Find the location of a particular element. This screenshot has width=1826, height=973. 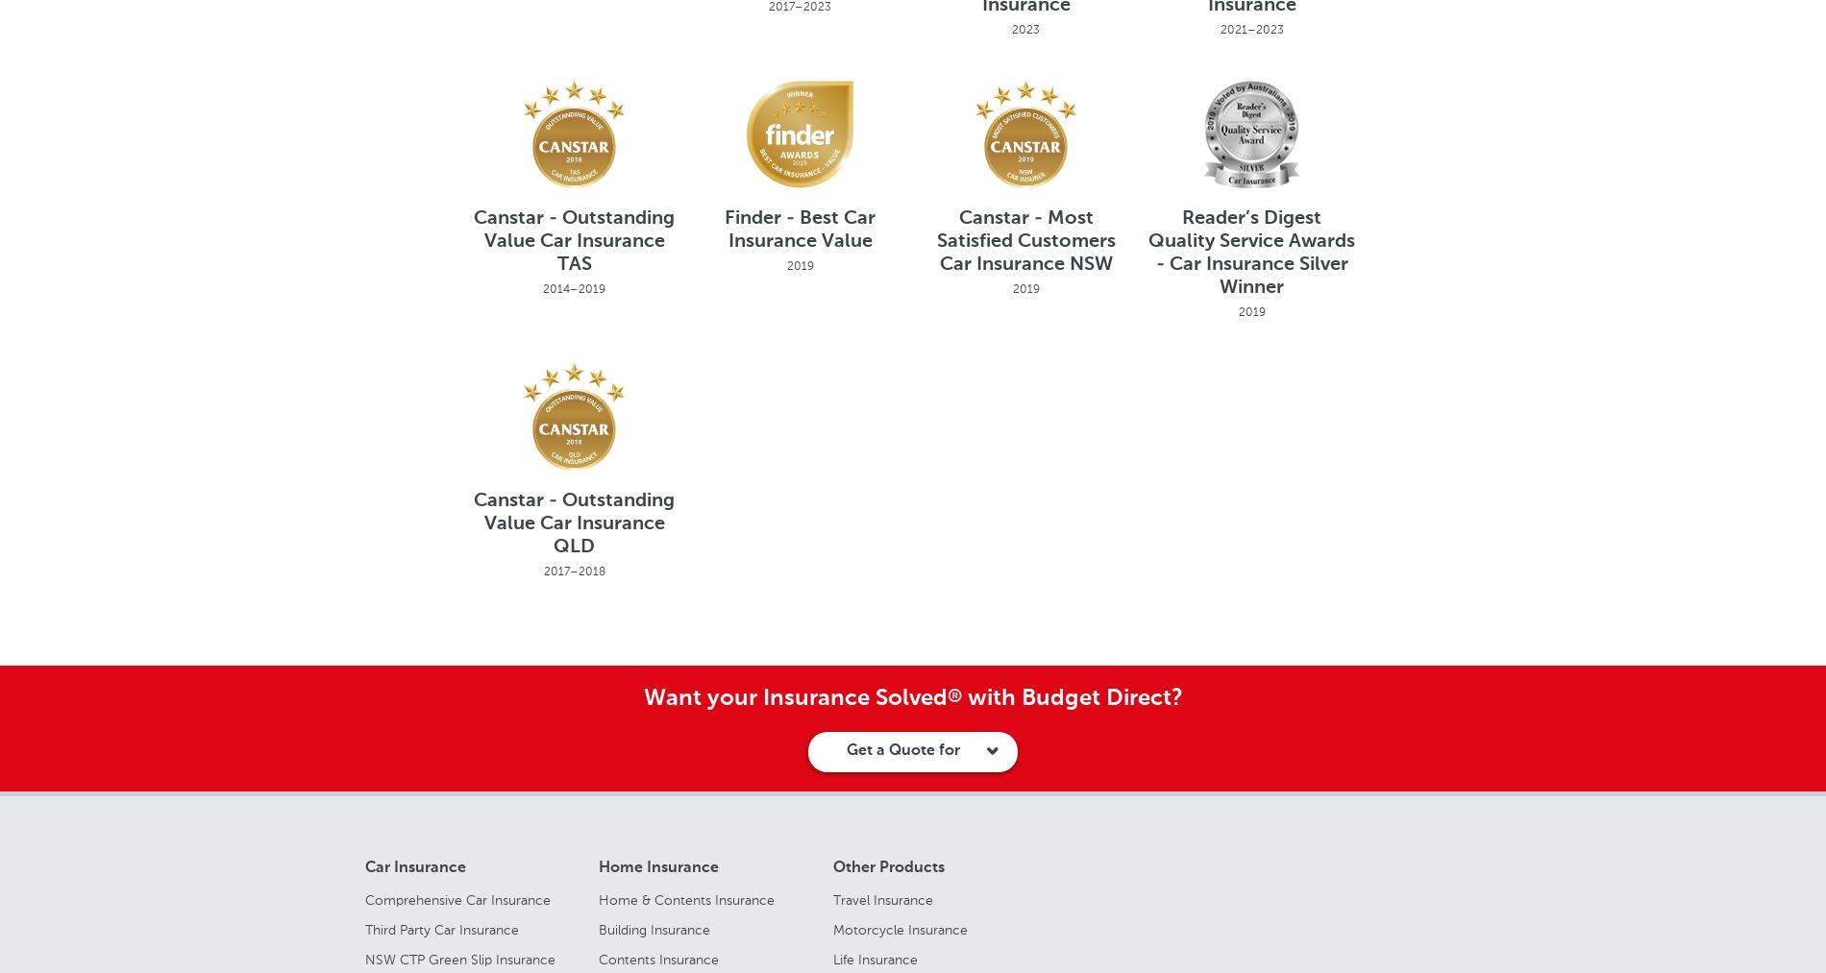

'Want your Insurance Solved' is located at coordinates (794, 698).